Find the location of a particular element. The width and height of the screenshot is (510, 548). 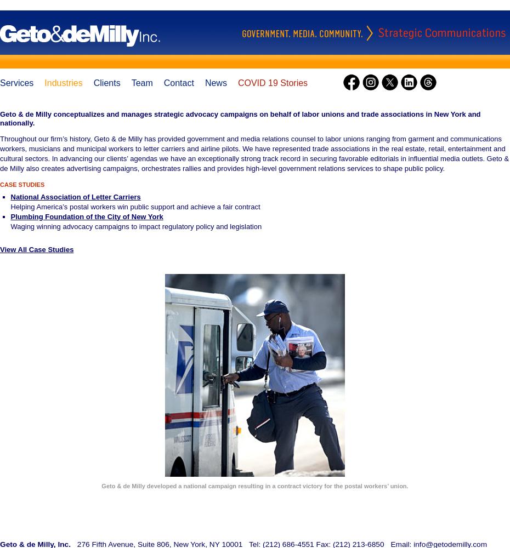

'National Association of Letter Carriers' is located at coordinates (75, 196).